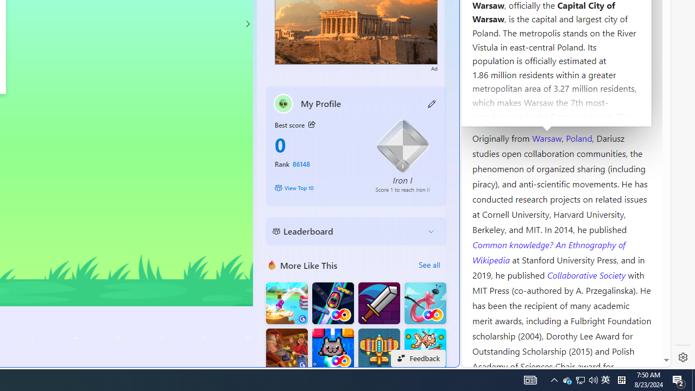 This screenshot has height=391, width=695. What do you see at coordinates (247, 23) in the screenshot?
I see `'Class: control'` at bounding box center [247, 23].